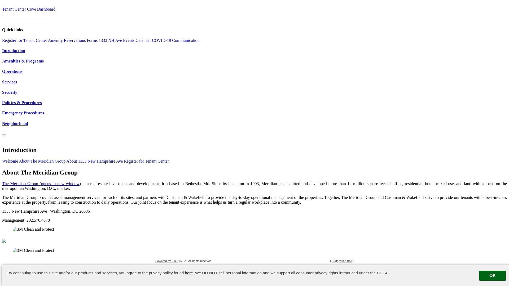  Describe the element at coordinates (10, 161) in the screenshot. I see `'Welcome'` at that location.